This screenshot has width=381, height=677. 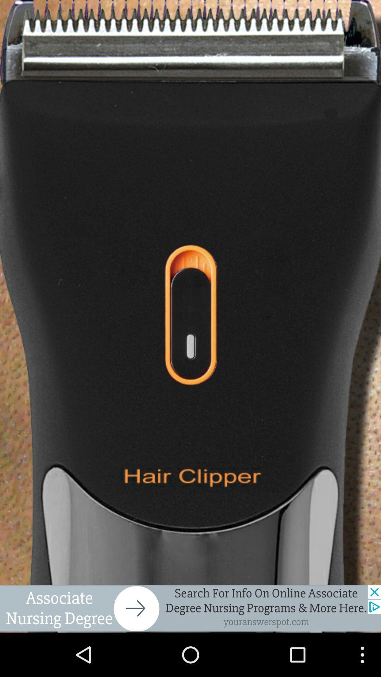 I want to click on open advertisement, so click(x=190, y=608).